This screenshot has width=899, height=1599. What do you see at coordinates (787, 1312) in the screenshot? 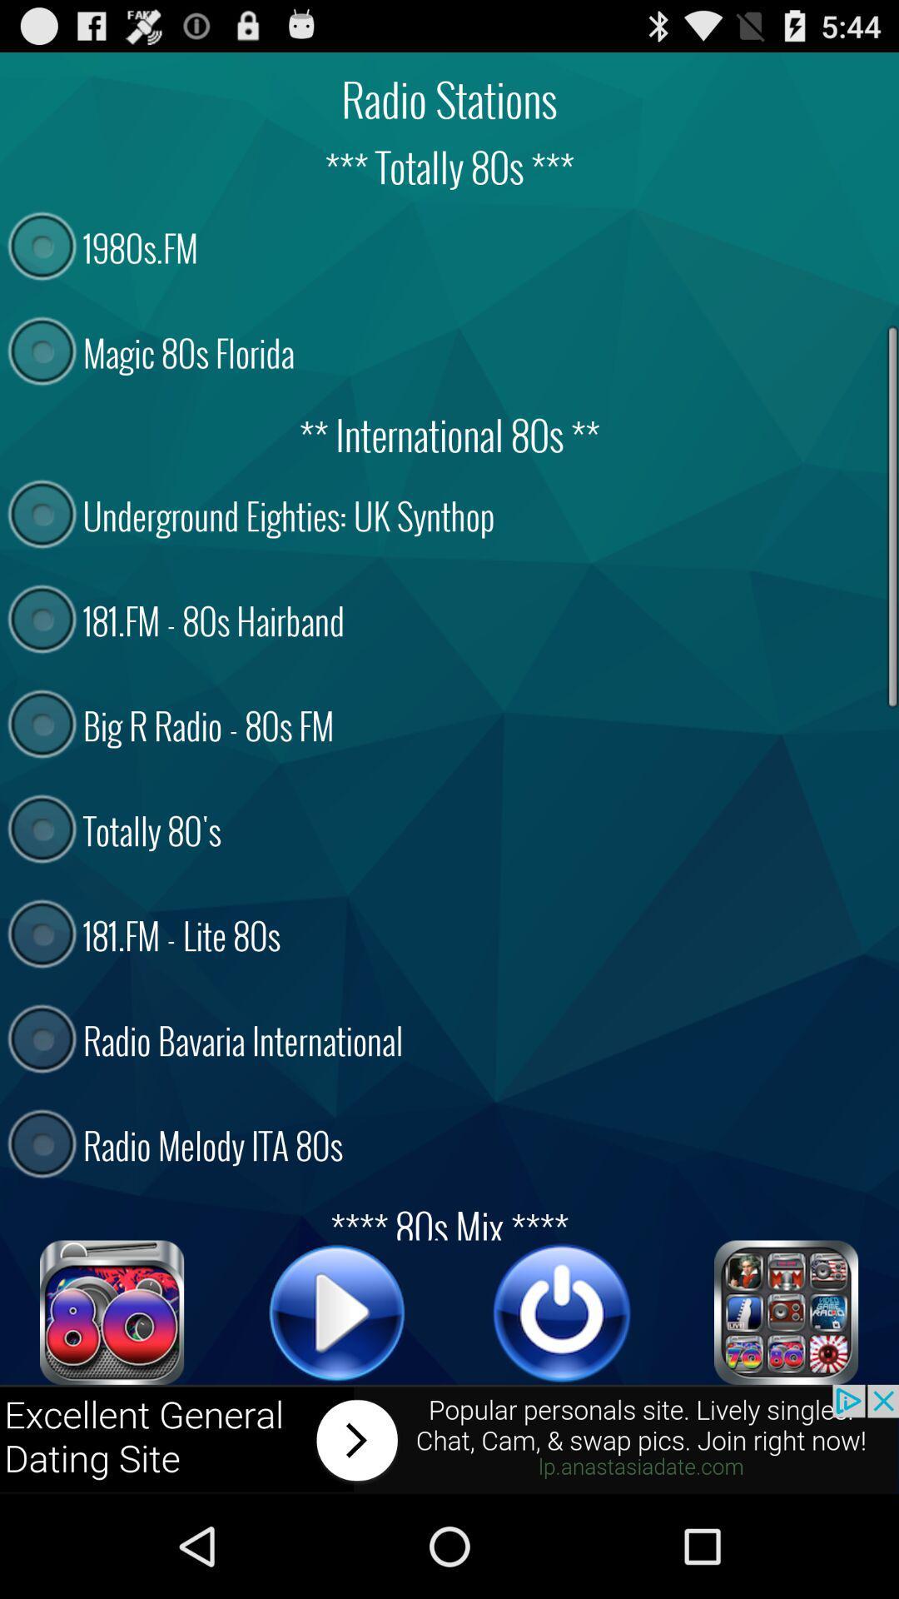
I see `library` at bounding box center [787, 1312].